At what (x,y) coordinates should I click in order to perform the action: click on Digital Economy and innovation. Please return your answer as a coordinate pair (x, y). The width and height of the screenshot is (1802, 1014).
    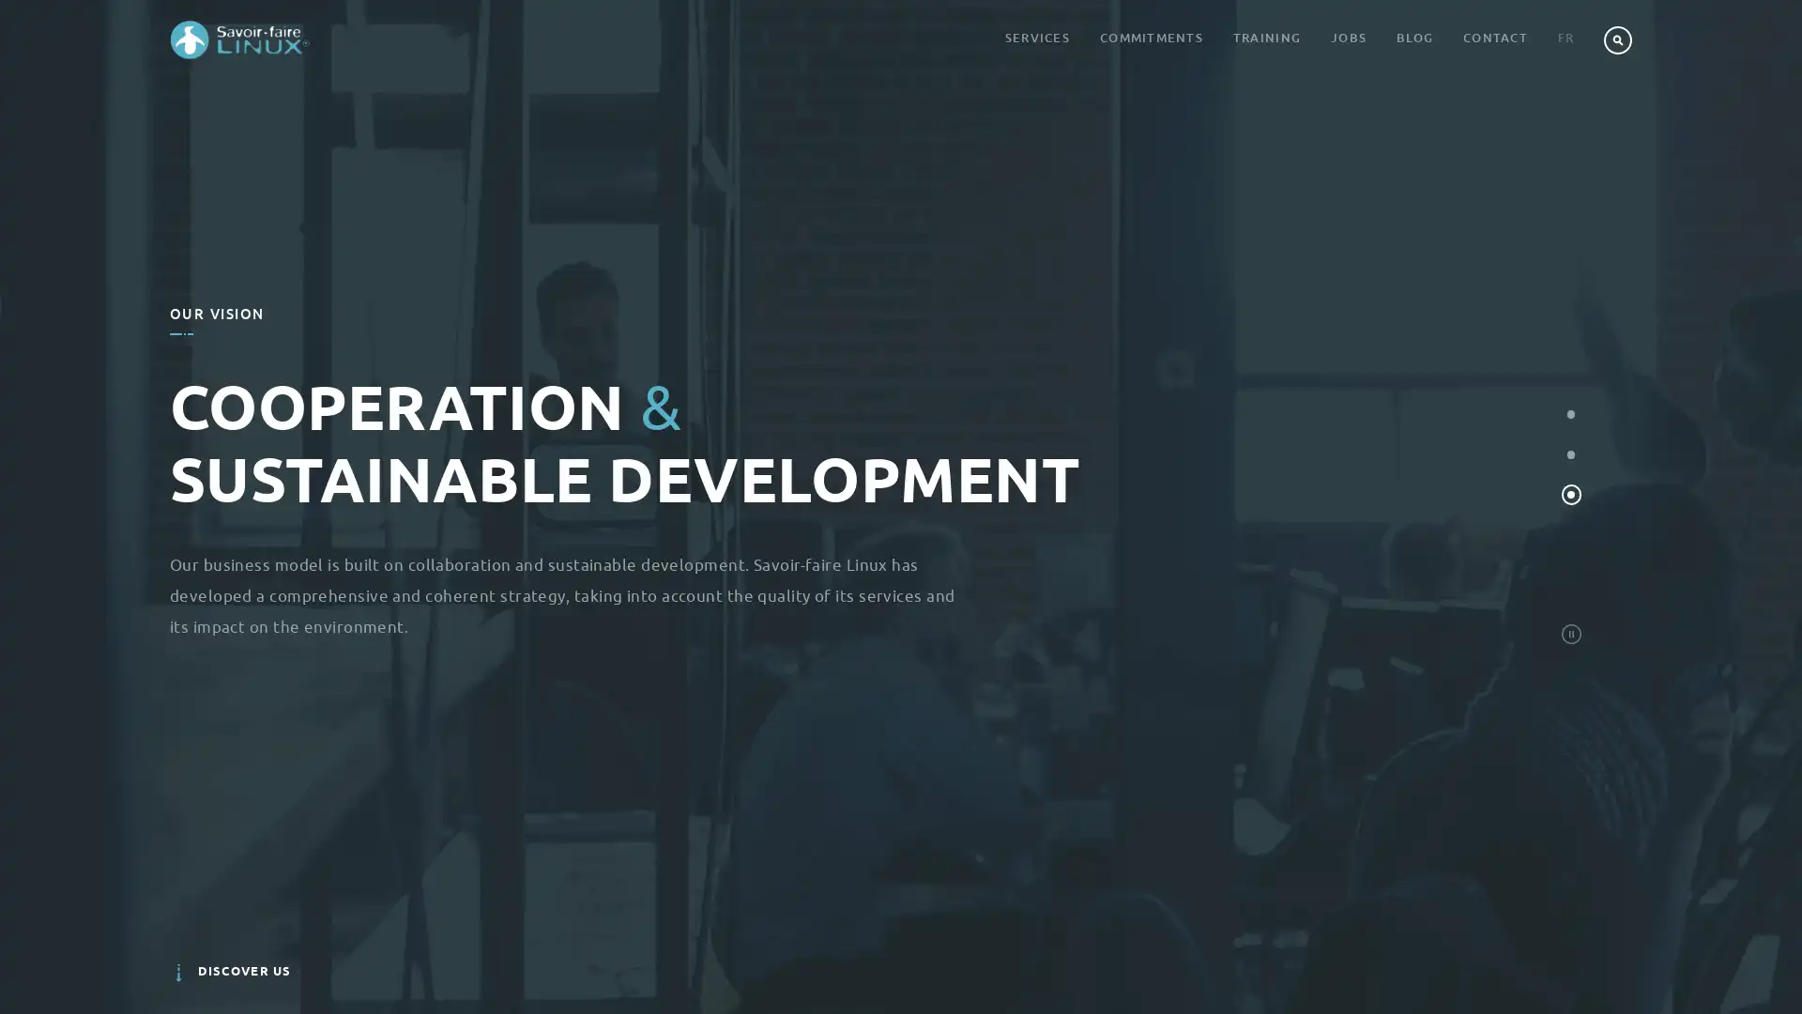
    Looking at the image, I should click on (1570, 413).